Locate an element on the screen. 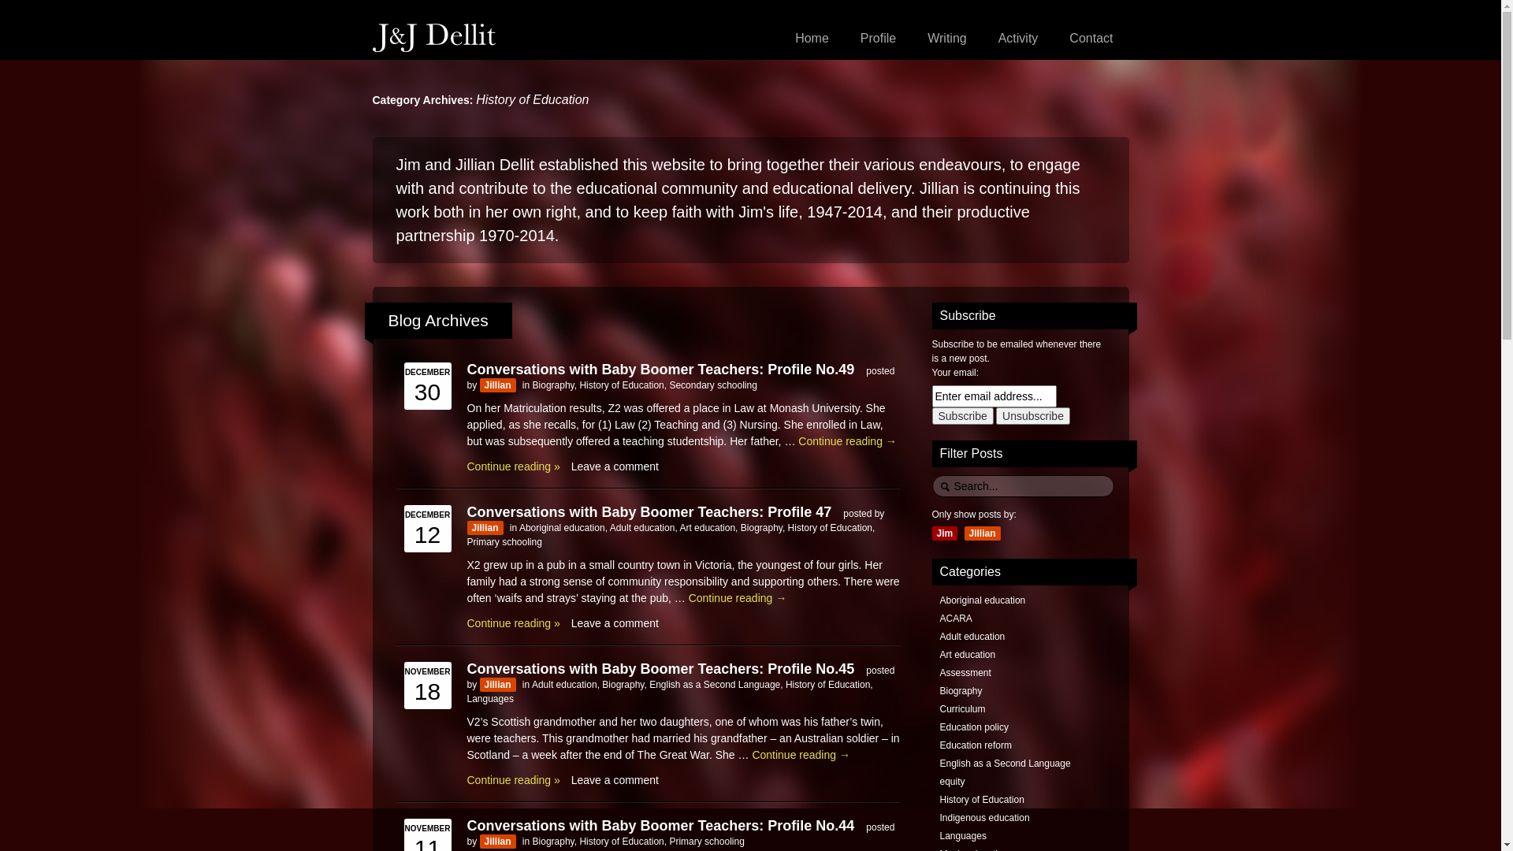 Image resolution: width=1513 pixels, height=851 pixels. 'Curriculum' is located at coordinates (939, 708).